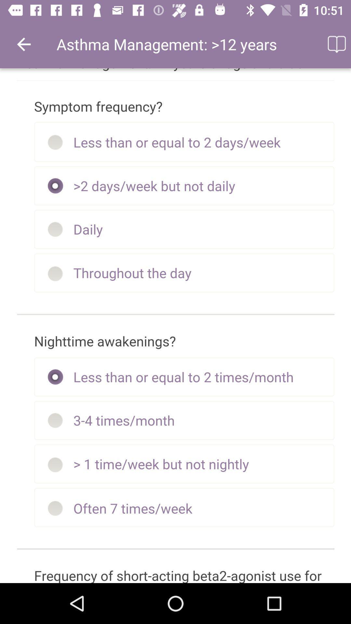 The image size is (351, 624). I want to click on icon at the top right corner, so click(336, 44).